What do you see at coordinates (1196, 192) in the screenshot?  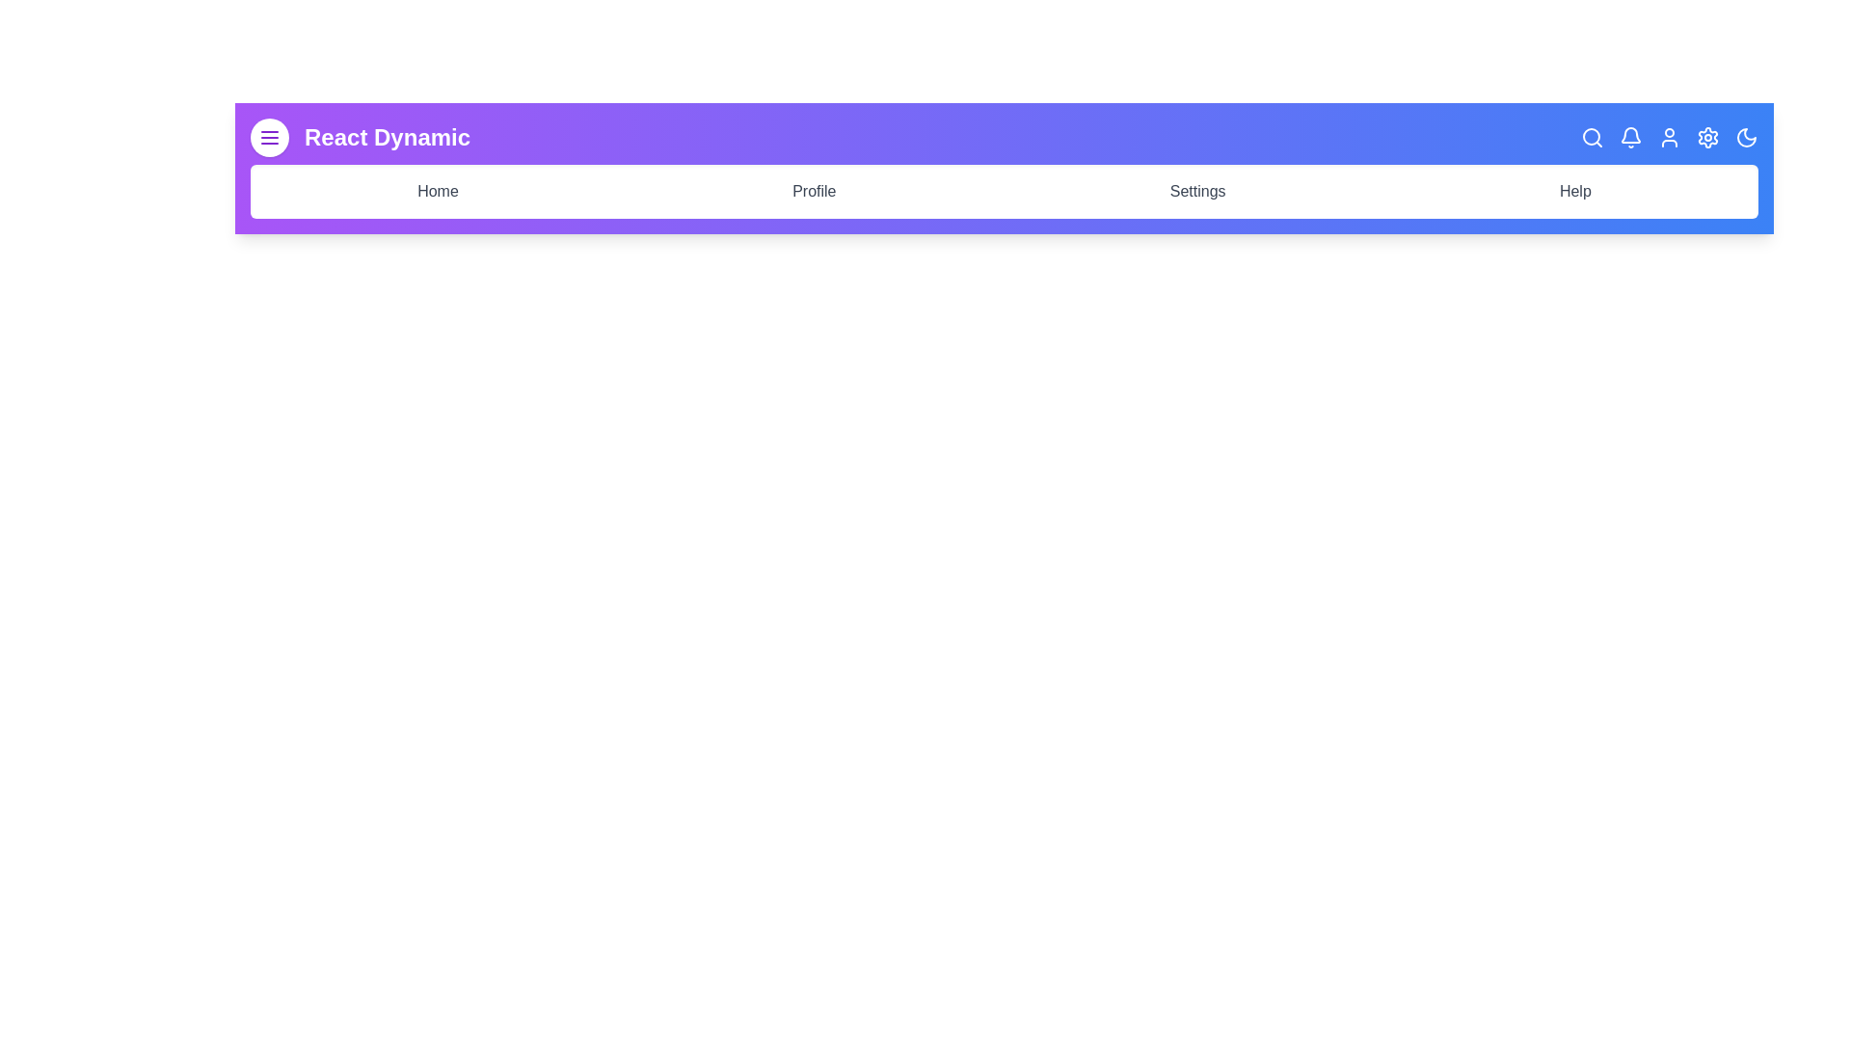 I see `the navigation link labeled Settings to navigate to the corresponding section` at bounding box center [1196, 192].